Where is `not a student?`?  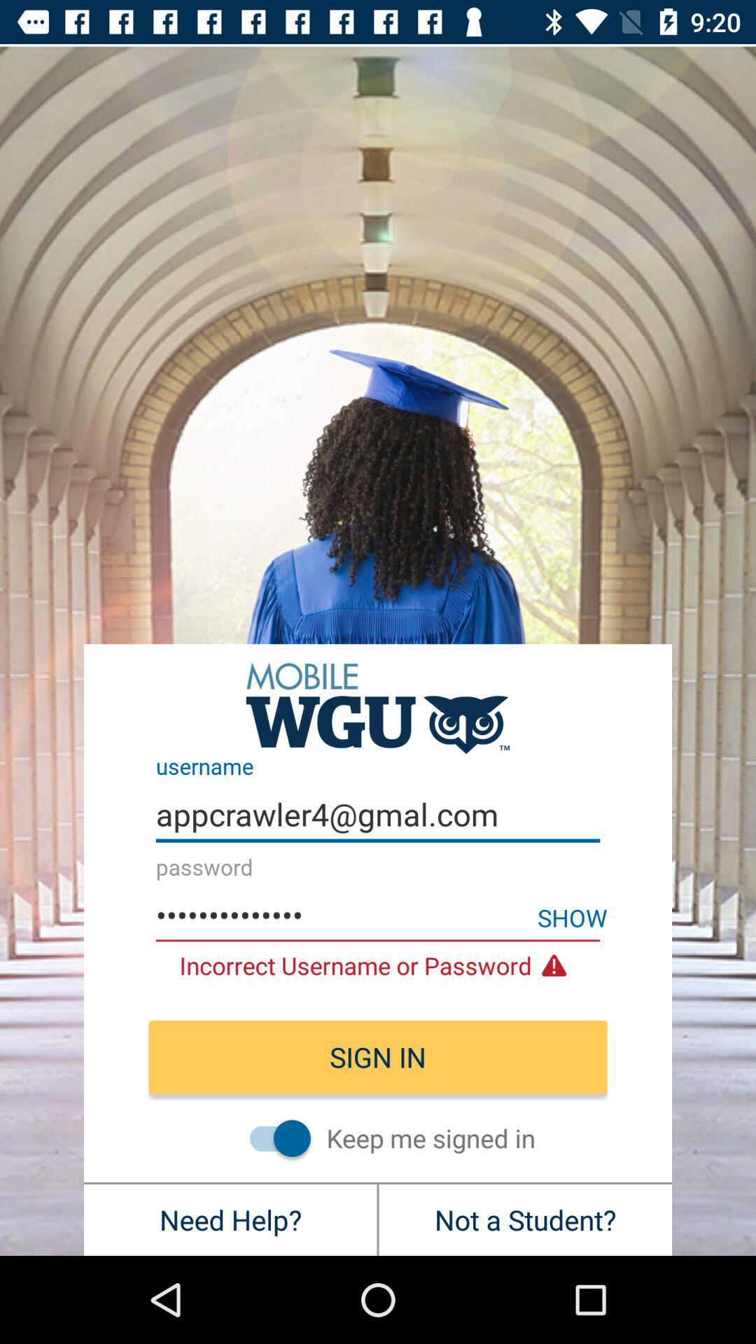
not a student? is located at coordinates (525, 1219).